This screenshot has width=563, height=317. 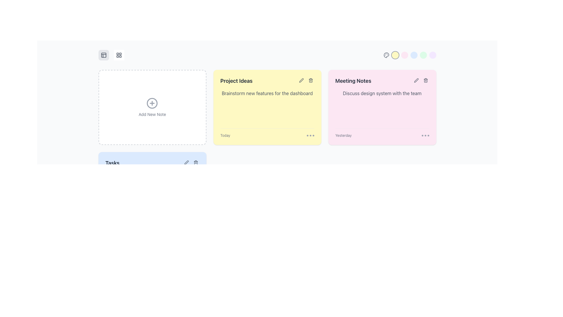 What do you see at coordinates (425, 136) in the screenshot?
I see `one of the small gray circle icons in the bottom-right corner of the 'Meeting Notes' section, which contains the text 'Discuss design system with the team'` at bounding box center [425, 136].